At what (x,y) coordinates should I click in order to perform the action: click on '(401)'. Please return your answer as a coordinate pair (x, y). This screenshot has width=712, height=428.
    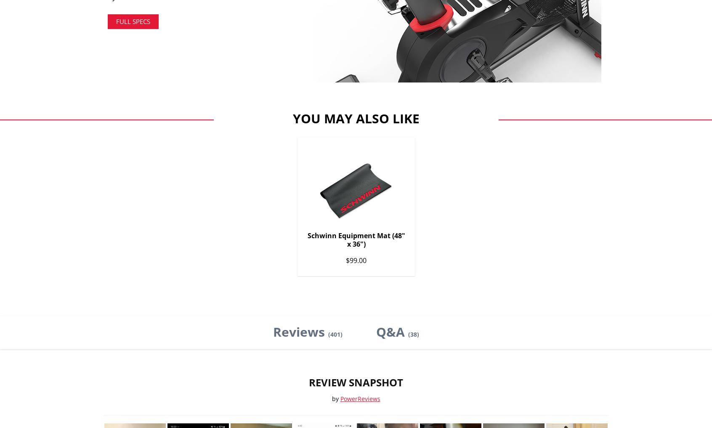
    Looking at the image, I should click on (335, 333).